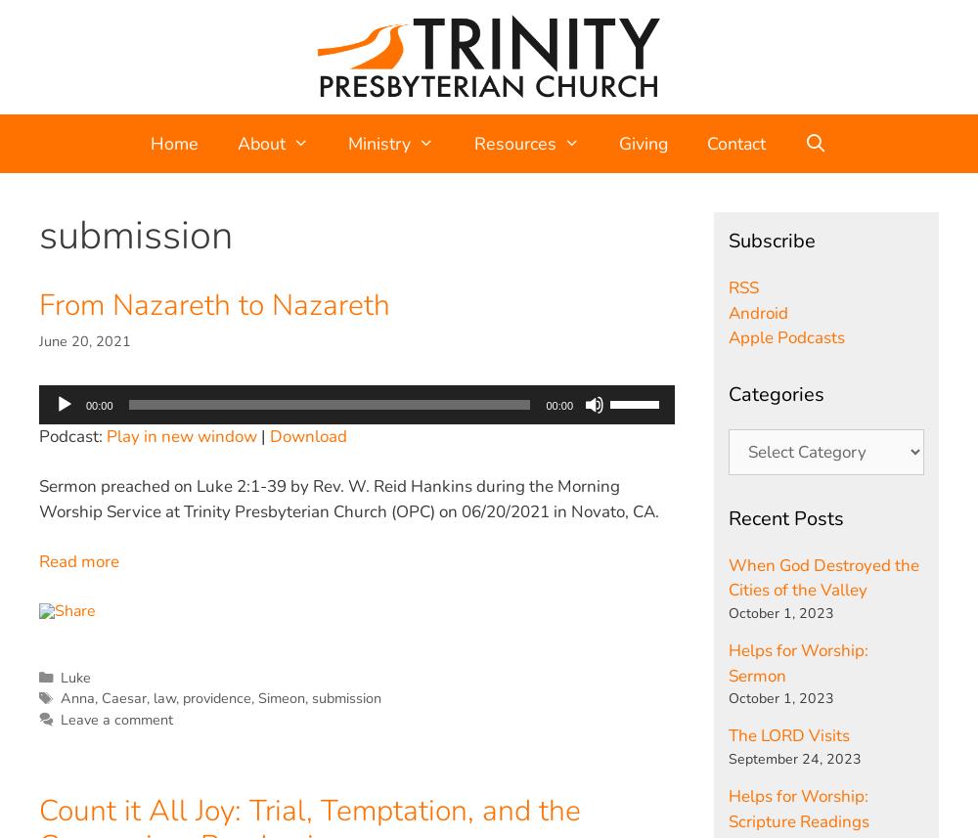 This screenshot has height=838, width=978. What do you see at coordinates (794, 757) in the screenshot?
I see `'September 24, 2023'` at bounding box center [794, 757].